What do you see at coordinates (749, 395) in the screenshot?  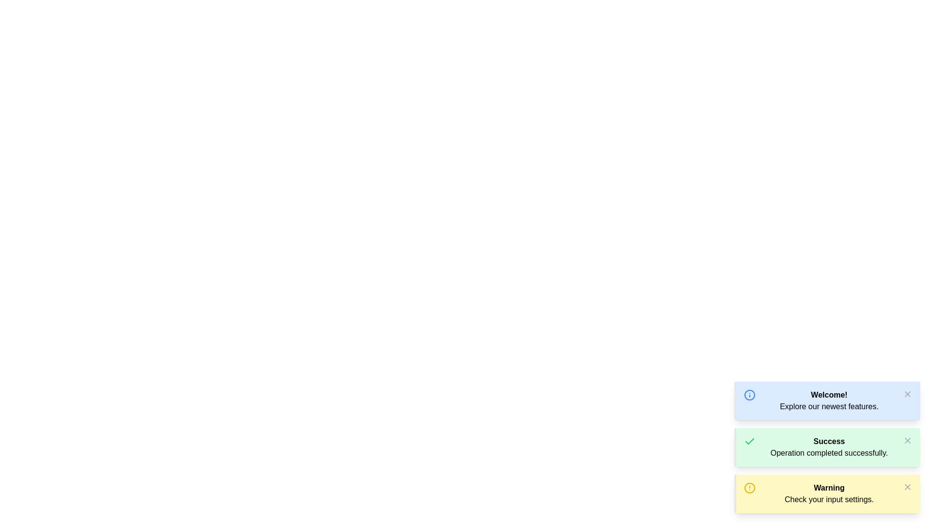 I see `the circular graphical icon component of the information symbol, located within the notification box labeled 'Welcome! Explore our newest features.'` at bounding box center [749, 395].